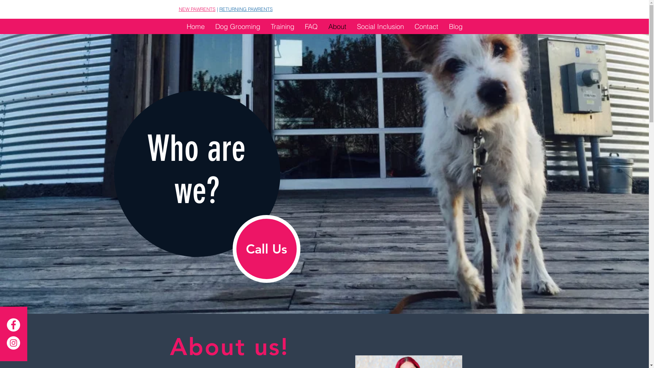  What do you see at coordinates (246, 9) in the screenshot?
I see `'RETURNING PAWRENTS'` at bounding box center [246, 9].